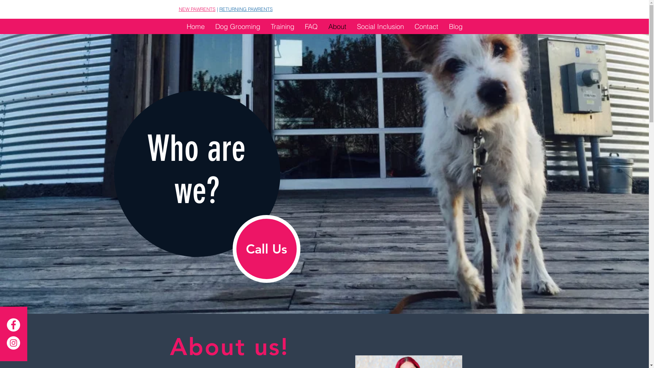  What do you see at coordinates (246, 9) in the screenshot?
I see `'RETURNING PAWRENTS'` at bounding box center [246, 9].